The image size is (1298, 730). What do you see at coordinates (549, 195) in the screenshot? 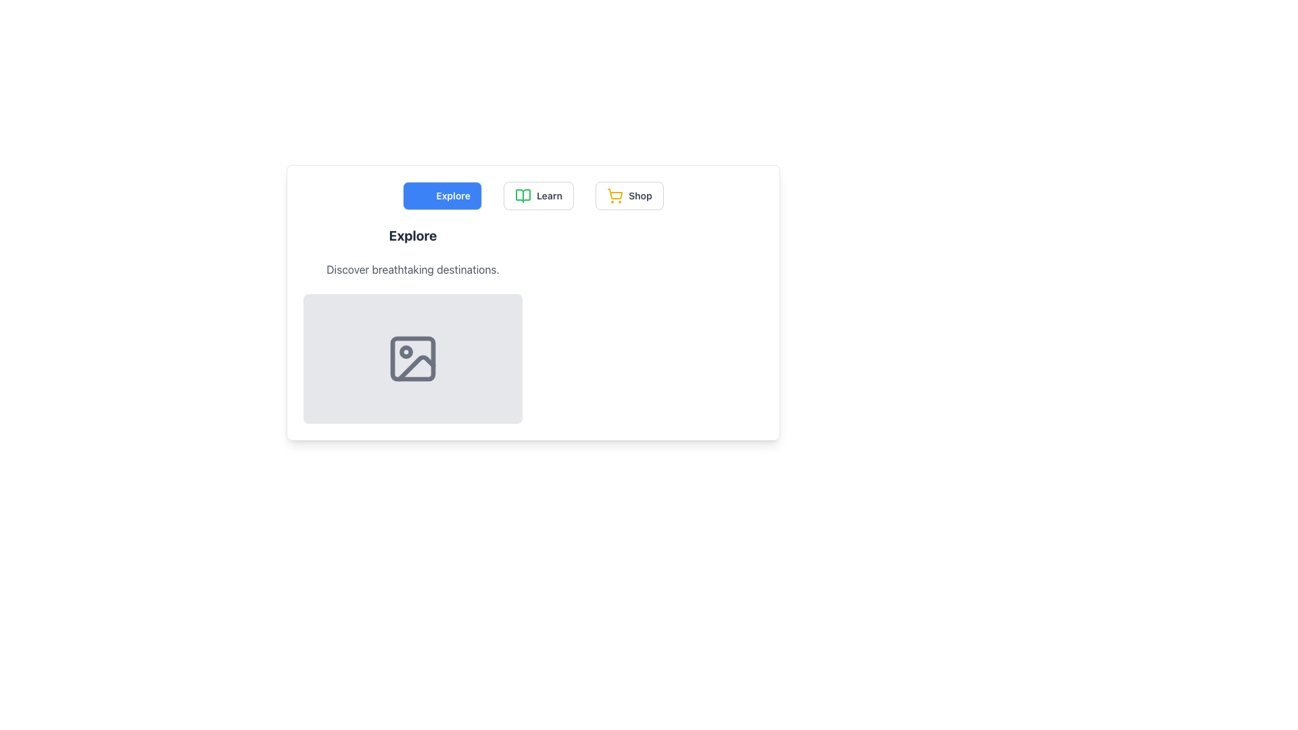
I see `the navigation button labeled 'Learn'` at bounding box center [549, 195].